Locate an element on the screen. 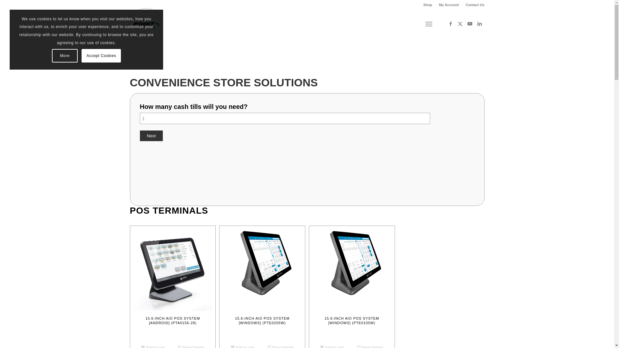  'Twitter' is located at coordinates (459, 23).